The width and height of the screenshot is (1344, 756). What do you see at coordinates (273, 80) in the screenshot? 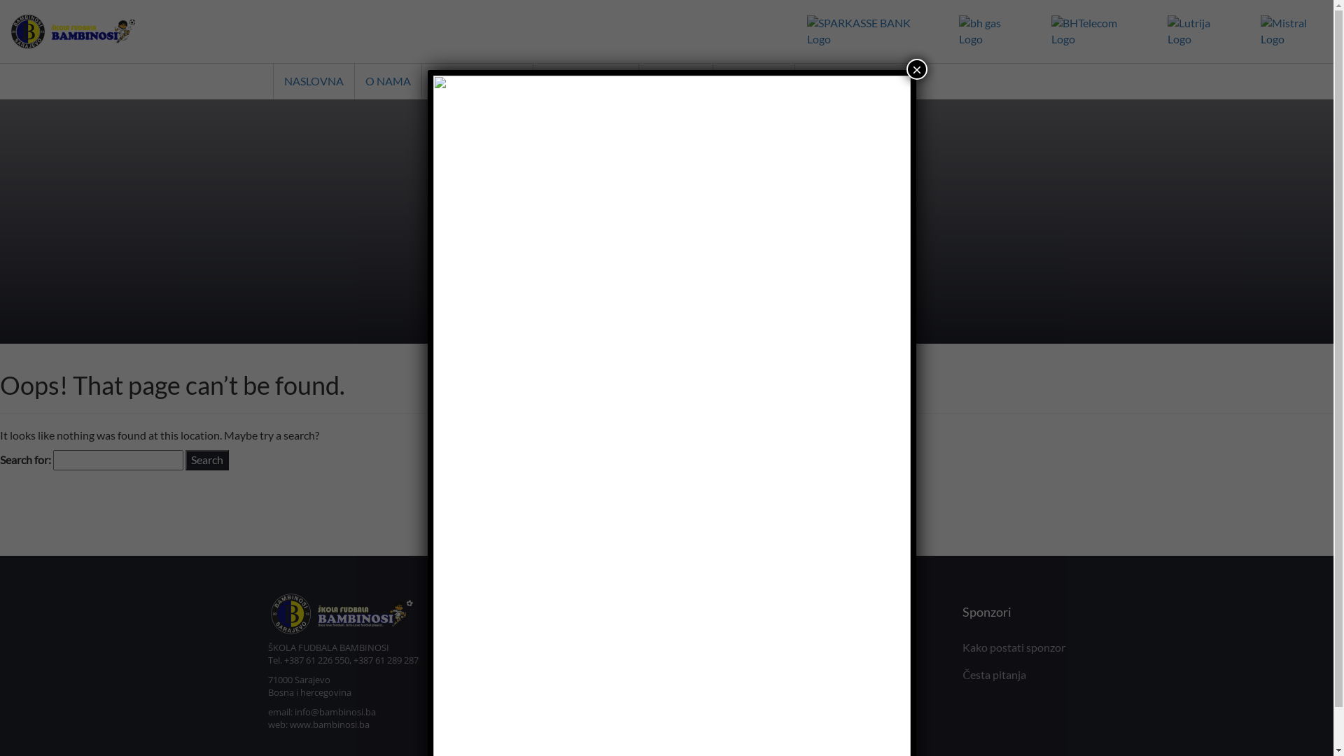
I see `'NASLOVNA'` at bounding box center [273, 80].